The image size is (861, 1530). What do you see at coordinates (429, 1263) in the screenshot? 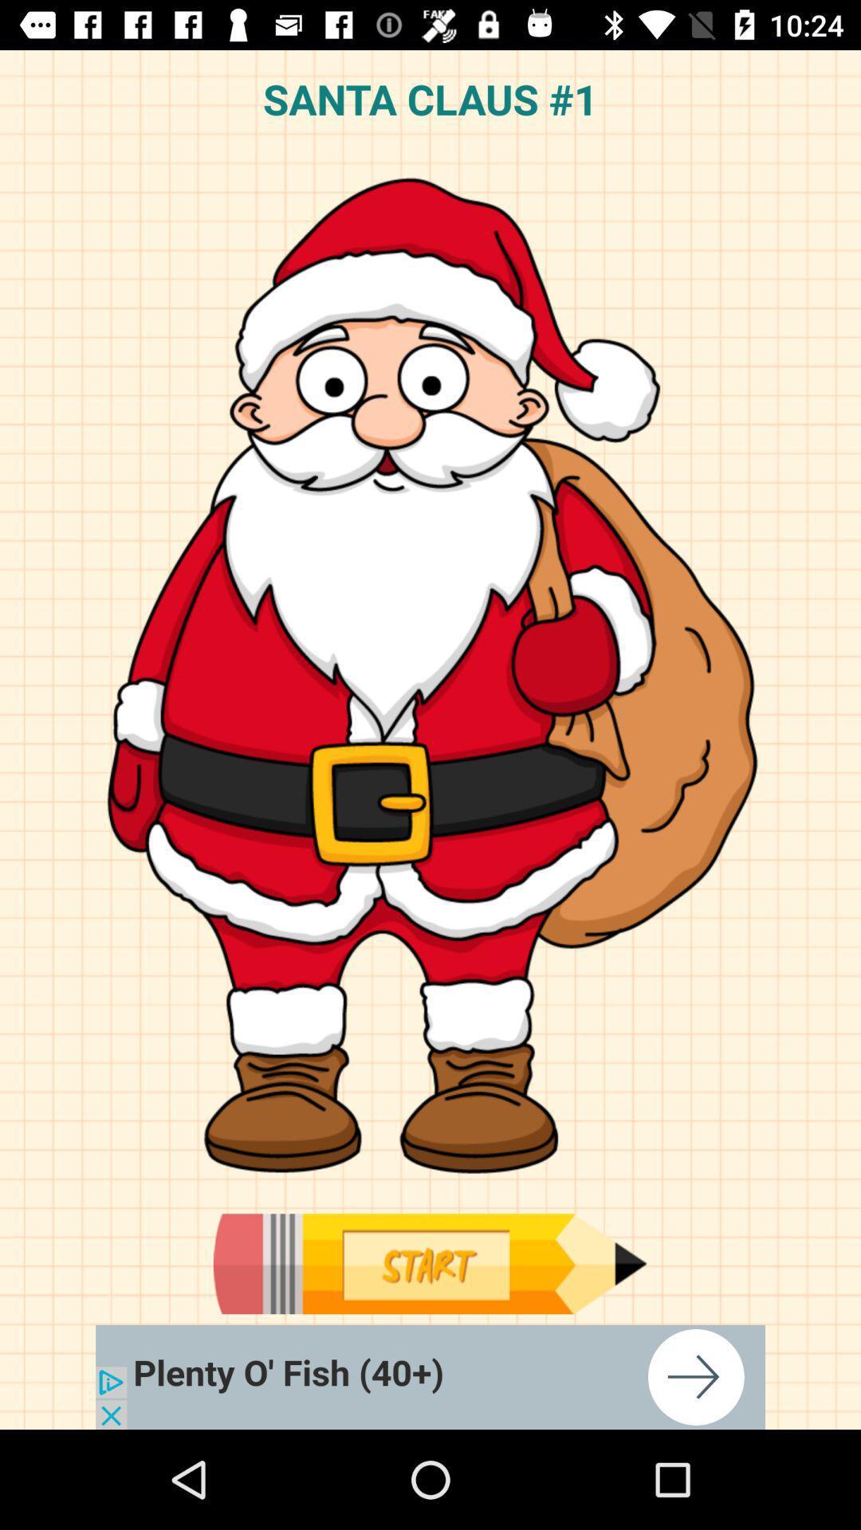
I see `start playing` at bounding box center [429, 1263].